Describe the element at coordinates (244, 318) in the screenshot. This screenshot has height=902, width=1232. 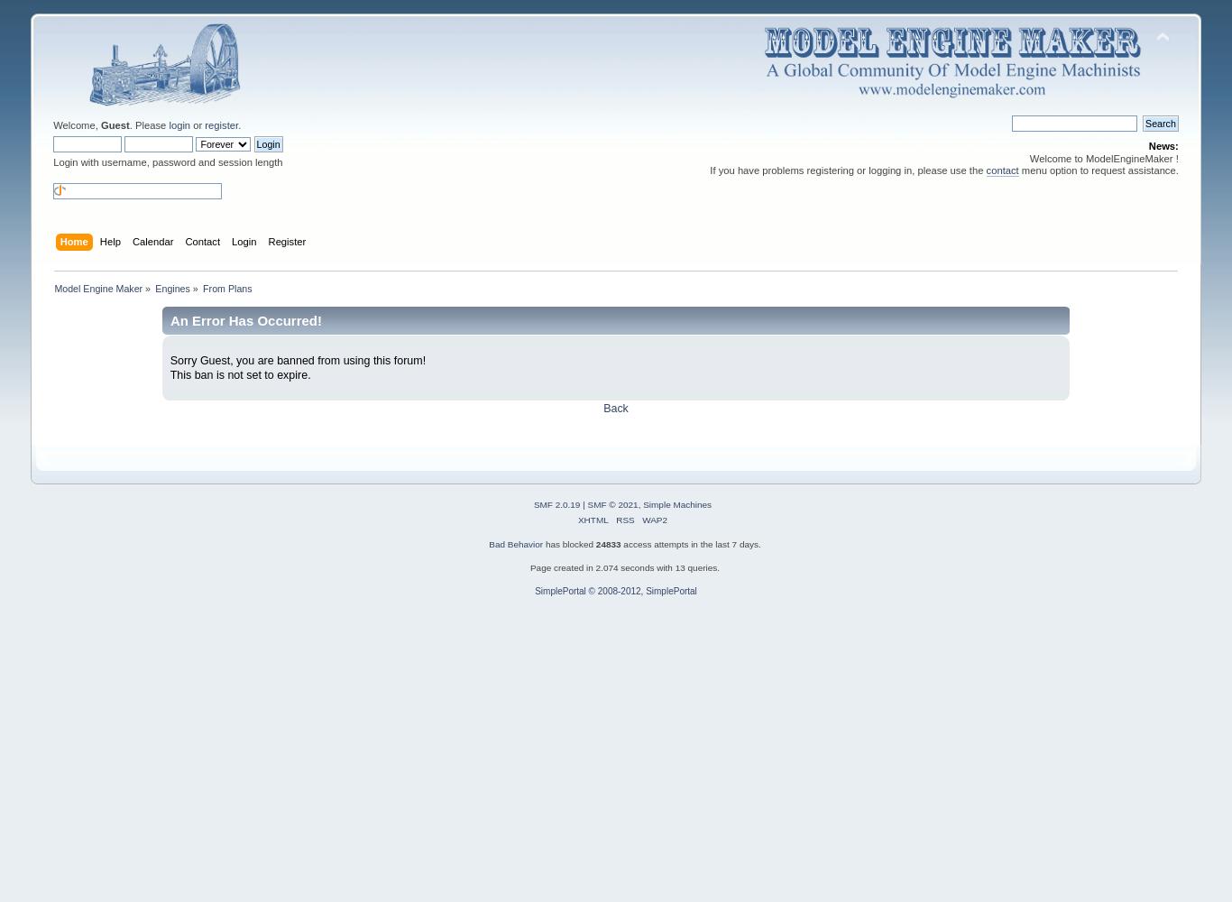
I see `'An Error Has Occurred!'` at that location.